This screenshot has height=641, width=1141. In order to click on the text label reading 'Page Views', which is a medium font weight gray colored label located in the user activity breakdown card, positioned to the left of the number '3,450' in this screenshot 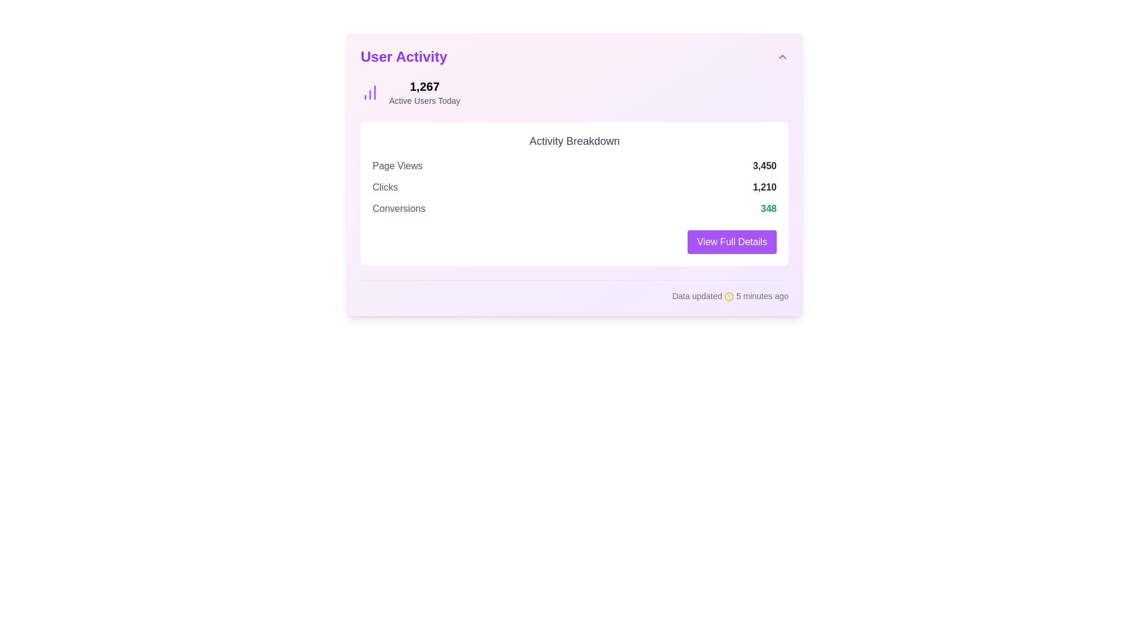, I will do `click(398, 166)`.